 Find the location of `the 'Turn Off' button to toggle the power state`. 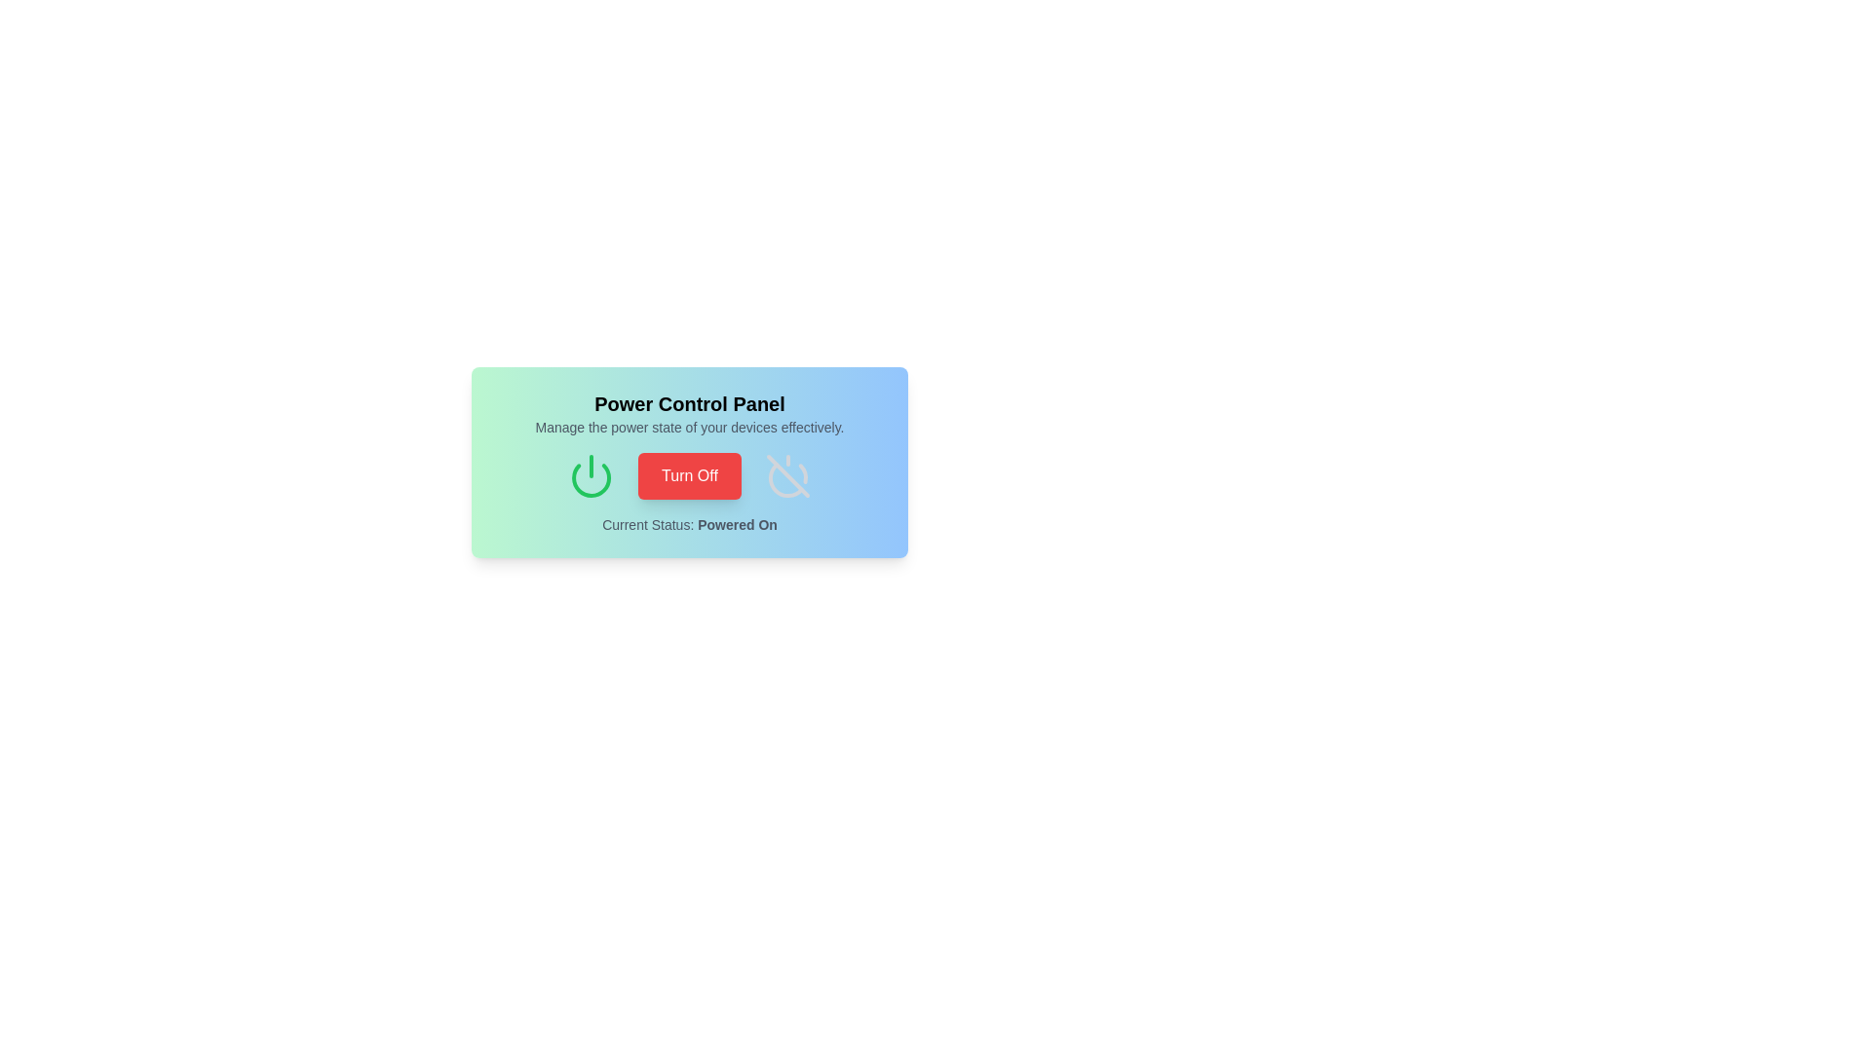

the 'Turn Off' button to toggle the power state is located at coordinates (689, 476).